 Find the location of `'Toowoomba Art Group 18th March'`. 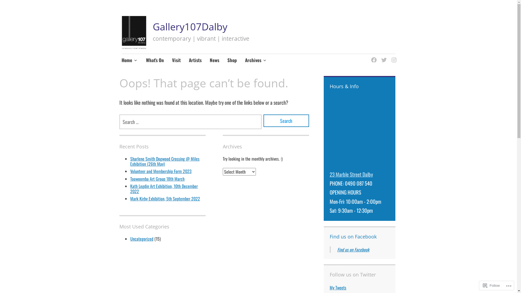

'Toowoomba Art Group 18th March' is located at coordinates (130, 179).